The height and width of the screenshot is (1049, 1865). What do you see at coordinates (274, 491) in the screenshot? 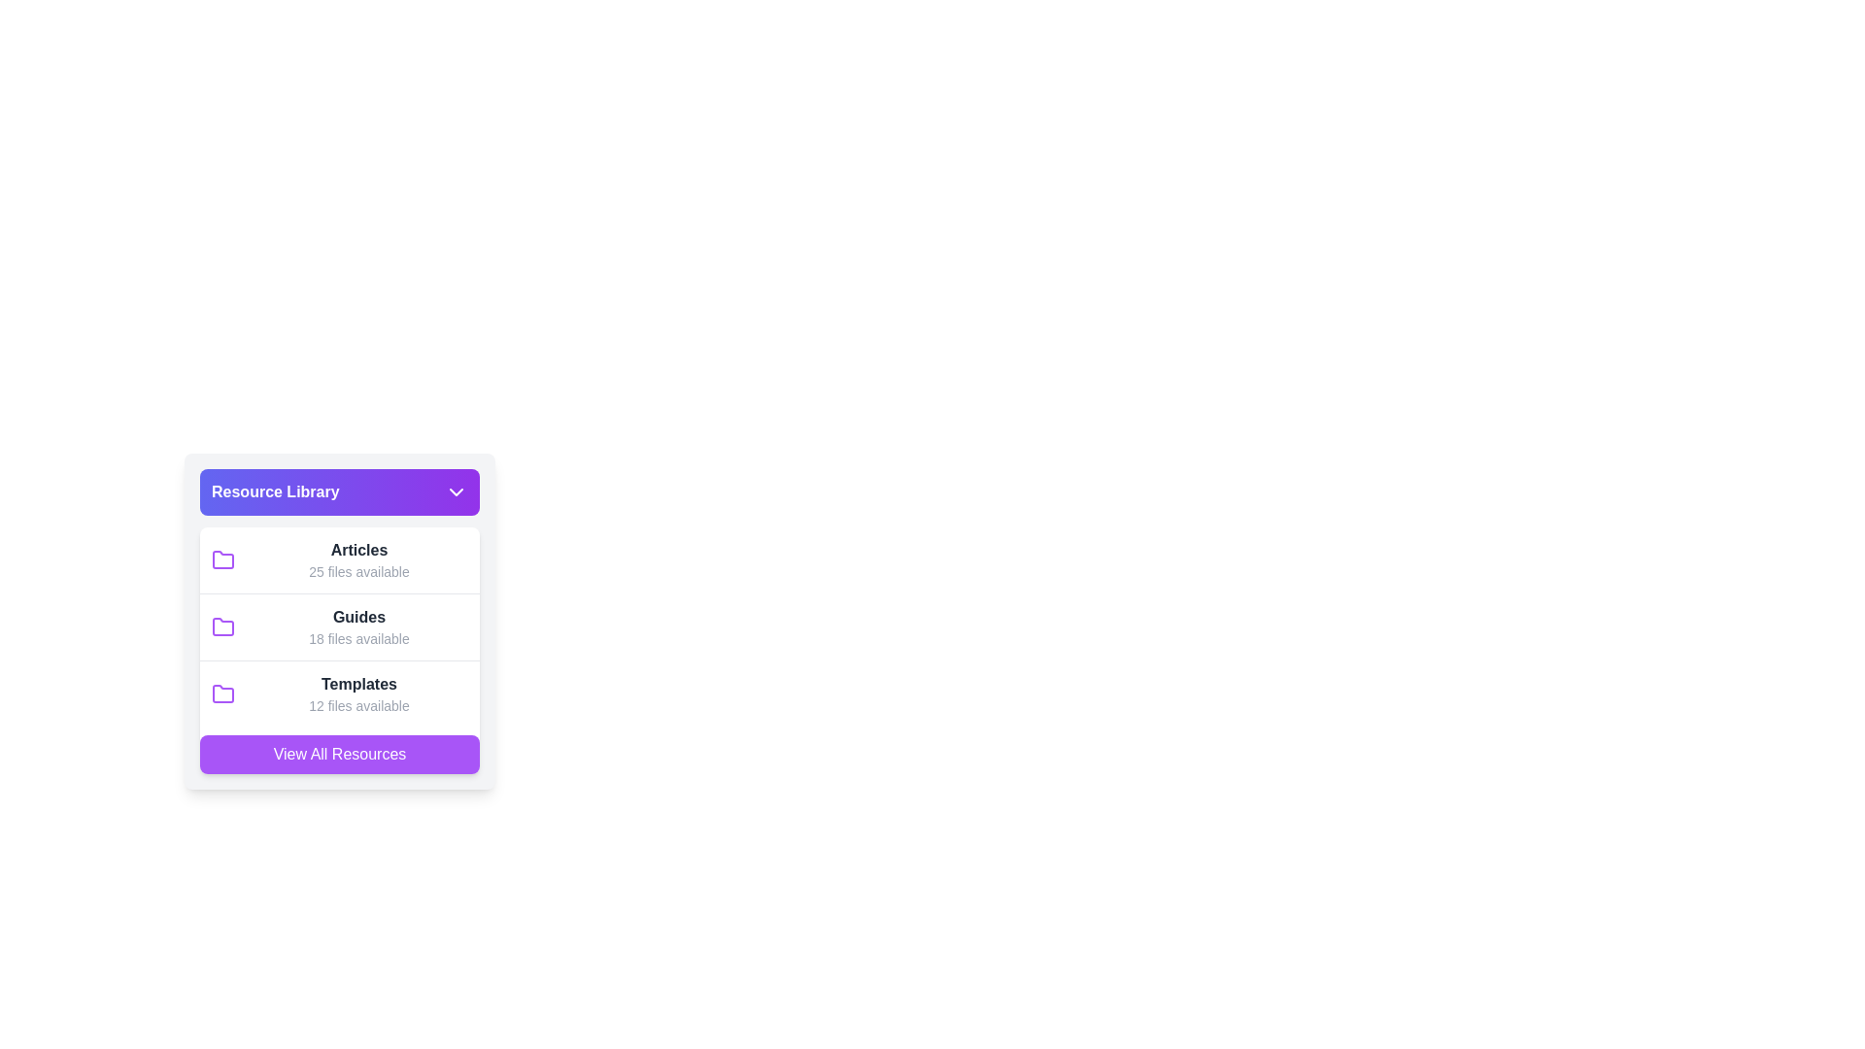
I see `the Text Label located on the left side of the rectangular header bar, which serves as a heading for the resources available below` at bounding box center [274, 491].